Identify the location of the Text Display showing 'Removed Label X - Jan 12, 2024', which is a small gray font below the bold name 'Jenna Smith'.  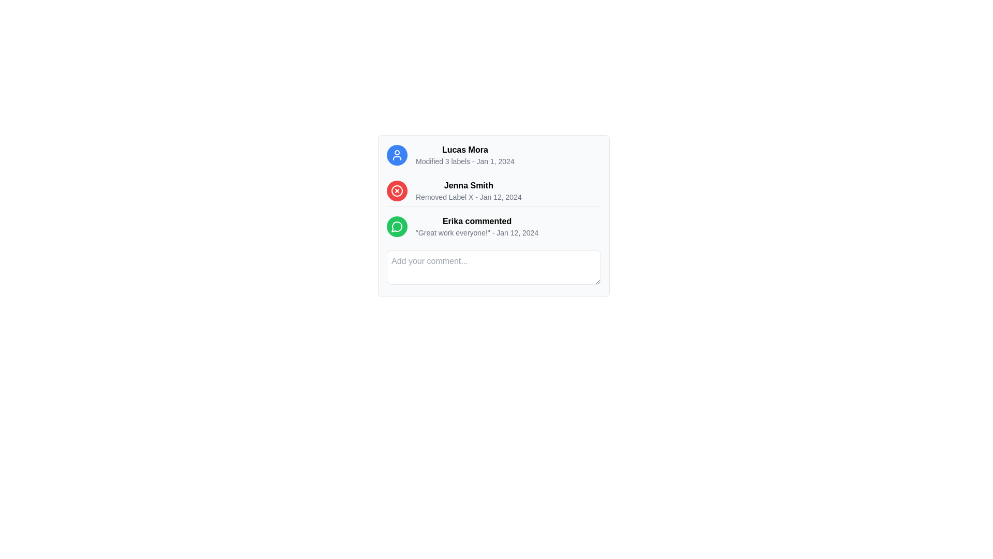
(468, 197).